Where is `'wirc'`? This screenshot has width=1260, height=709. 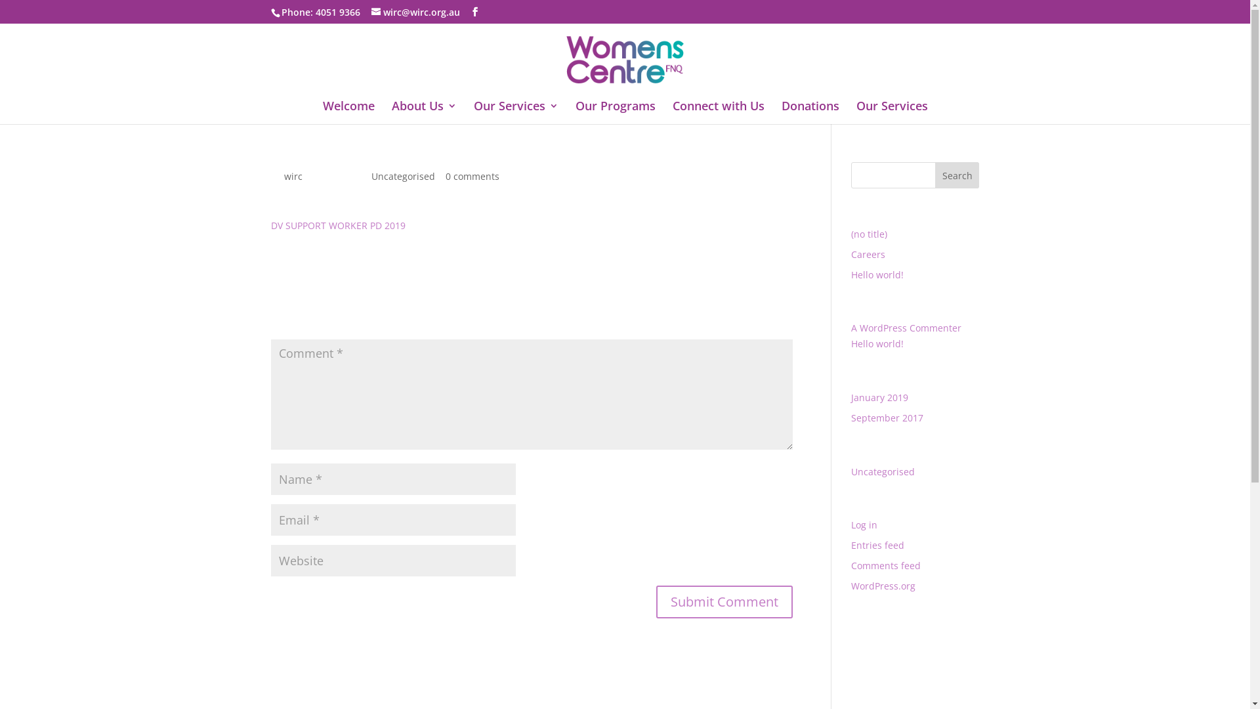 'wirc' is located at coordinates (292, 175).